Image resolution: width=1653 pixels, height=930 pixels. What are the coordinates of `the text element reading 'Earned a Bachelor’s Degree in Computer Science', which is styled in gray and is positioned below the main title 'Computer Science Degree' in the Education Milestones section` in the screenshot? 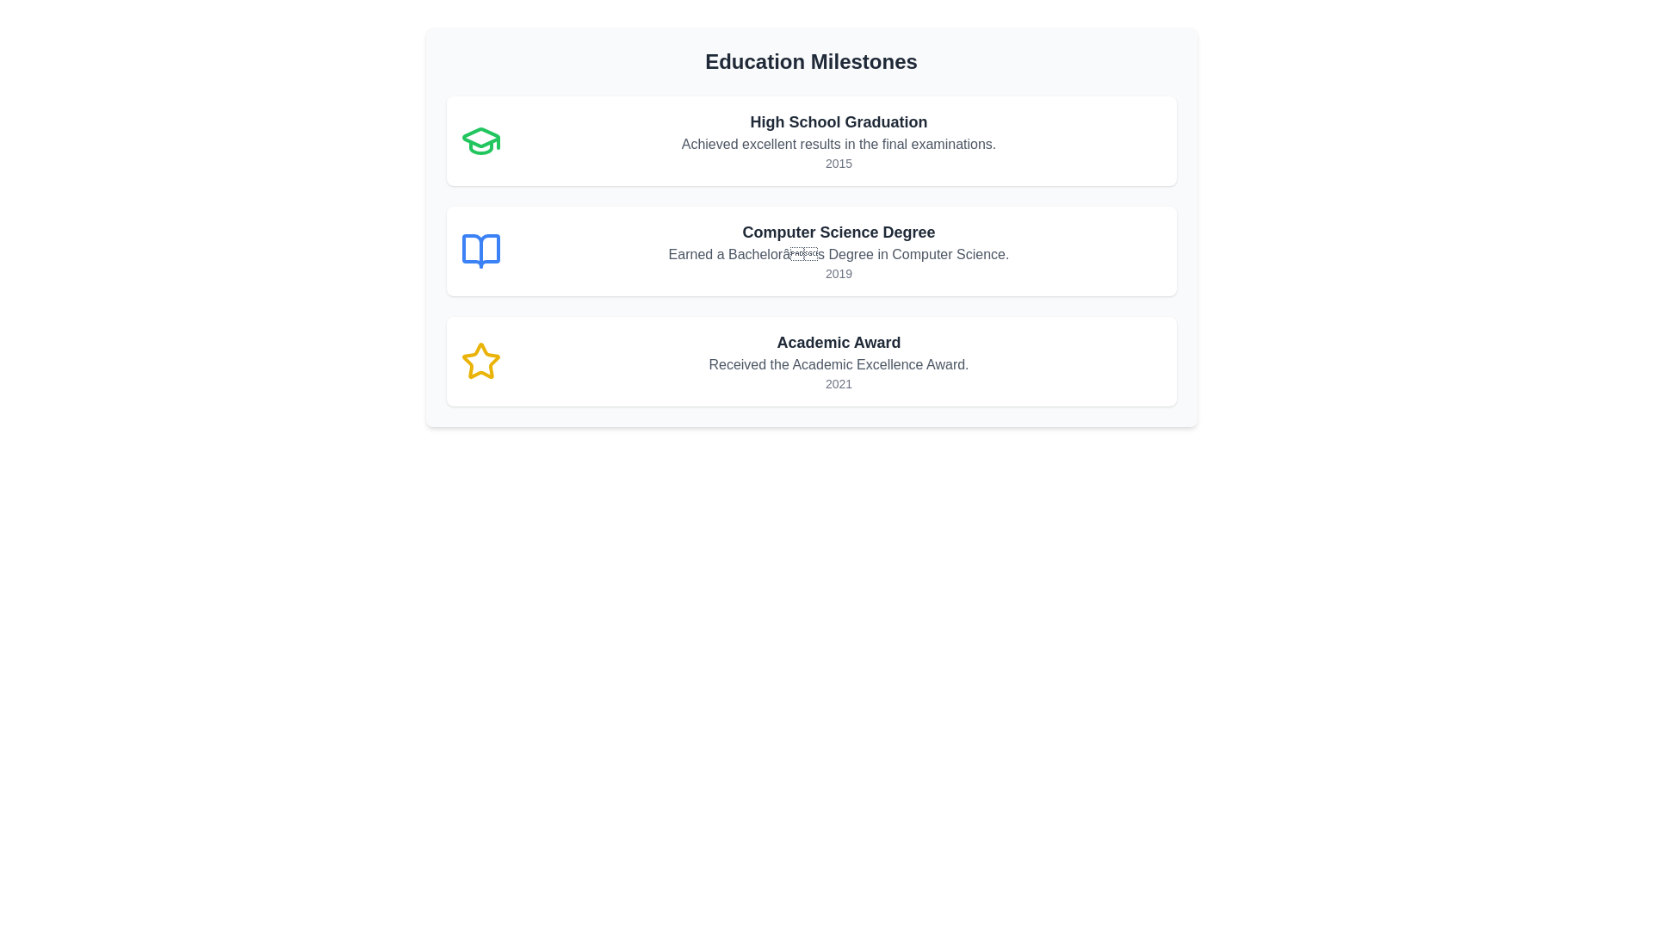 It's located at (839, 255).